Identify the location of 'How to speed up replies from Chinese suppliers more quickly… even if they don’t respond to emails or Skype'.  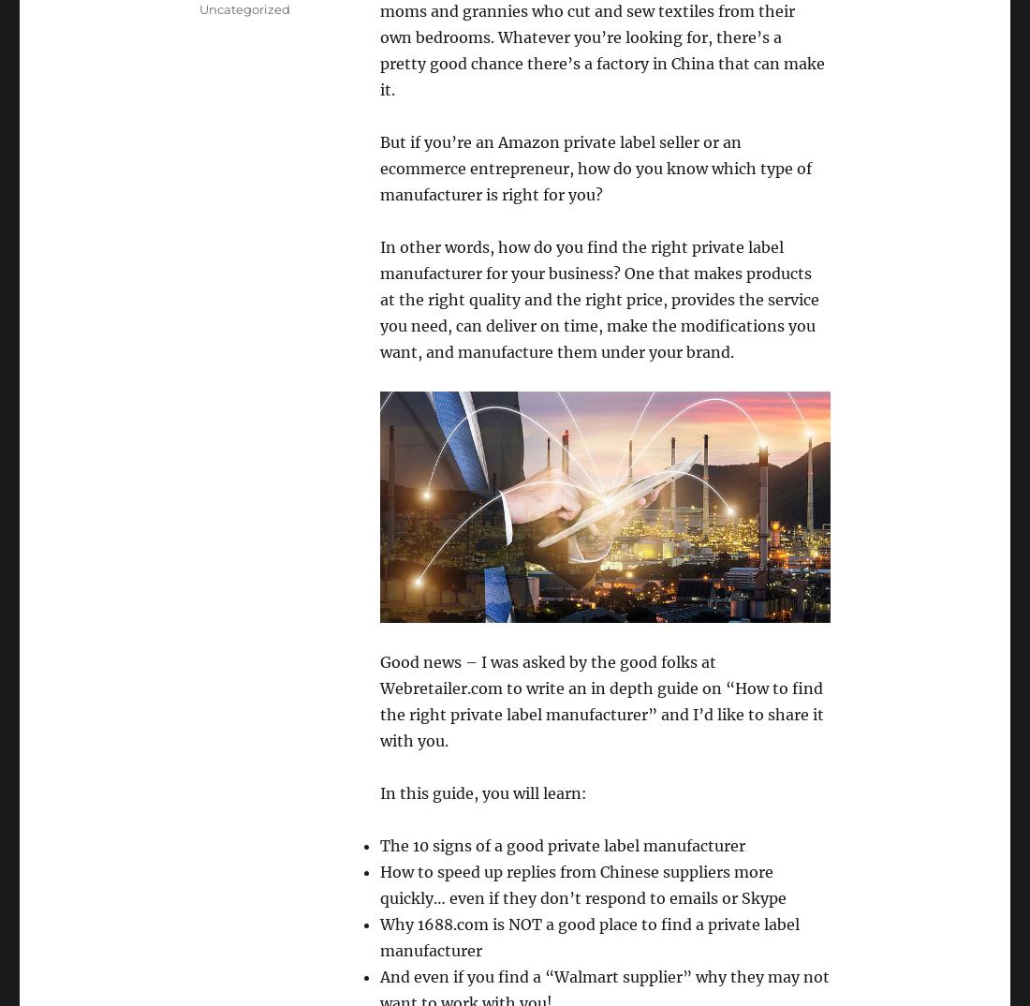
(582, 884).